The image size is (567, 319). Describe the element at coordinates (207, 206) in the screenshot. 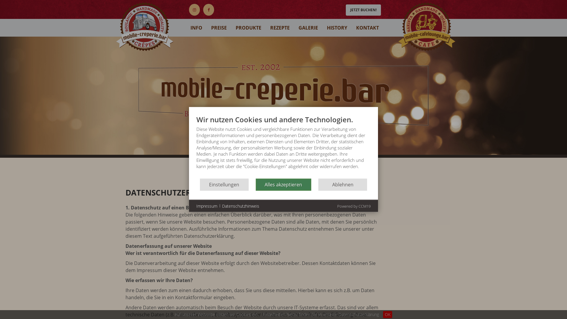

I see `'Impressum'` at that location.